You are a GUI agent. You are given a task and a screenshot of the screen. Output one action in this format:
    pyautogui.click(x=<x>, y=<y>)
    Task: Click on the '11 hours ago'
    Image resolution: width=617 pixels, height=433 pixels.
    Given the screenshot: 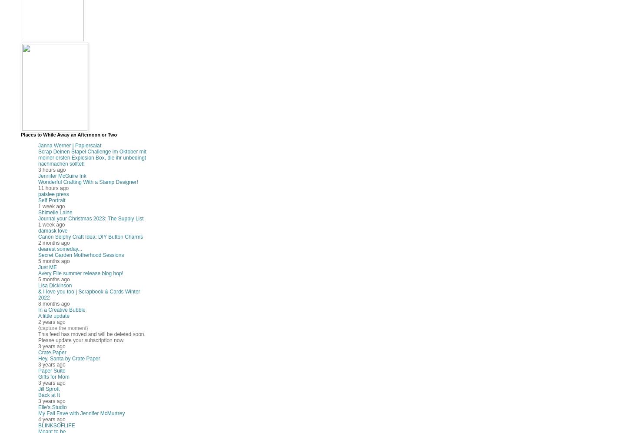 What is the action you would take?
    pyautogui.click(x=53, y=188)
    